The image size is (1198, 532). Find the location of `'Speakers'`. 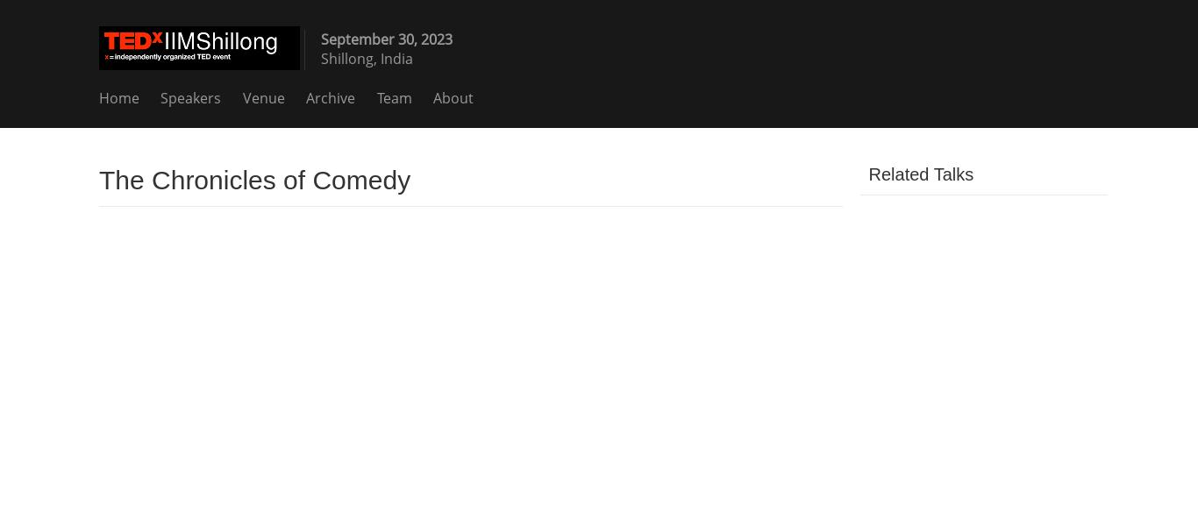

'Speakers' is located at coordinates (189, 96).